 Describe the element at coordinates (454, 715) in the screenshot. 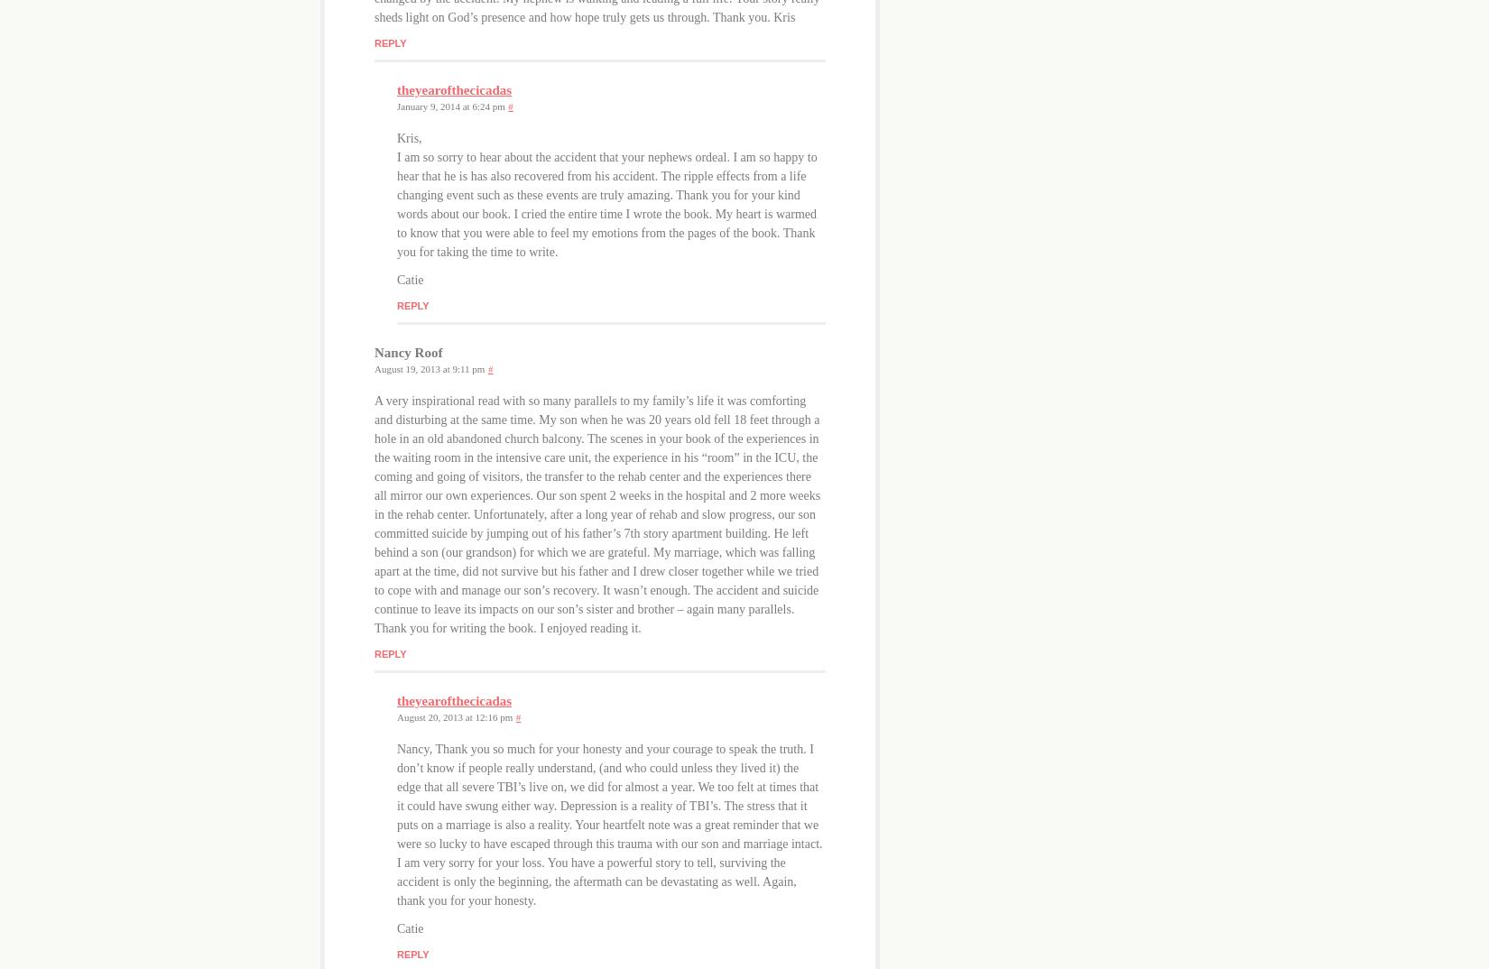

I see `'August 20, 2013 at 12:16 pm'` at that location.